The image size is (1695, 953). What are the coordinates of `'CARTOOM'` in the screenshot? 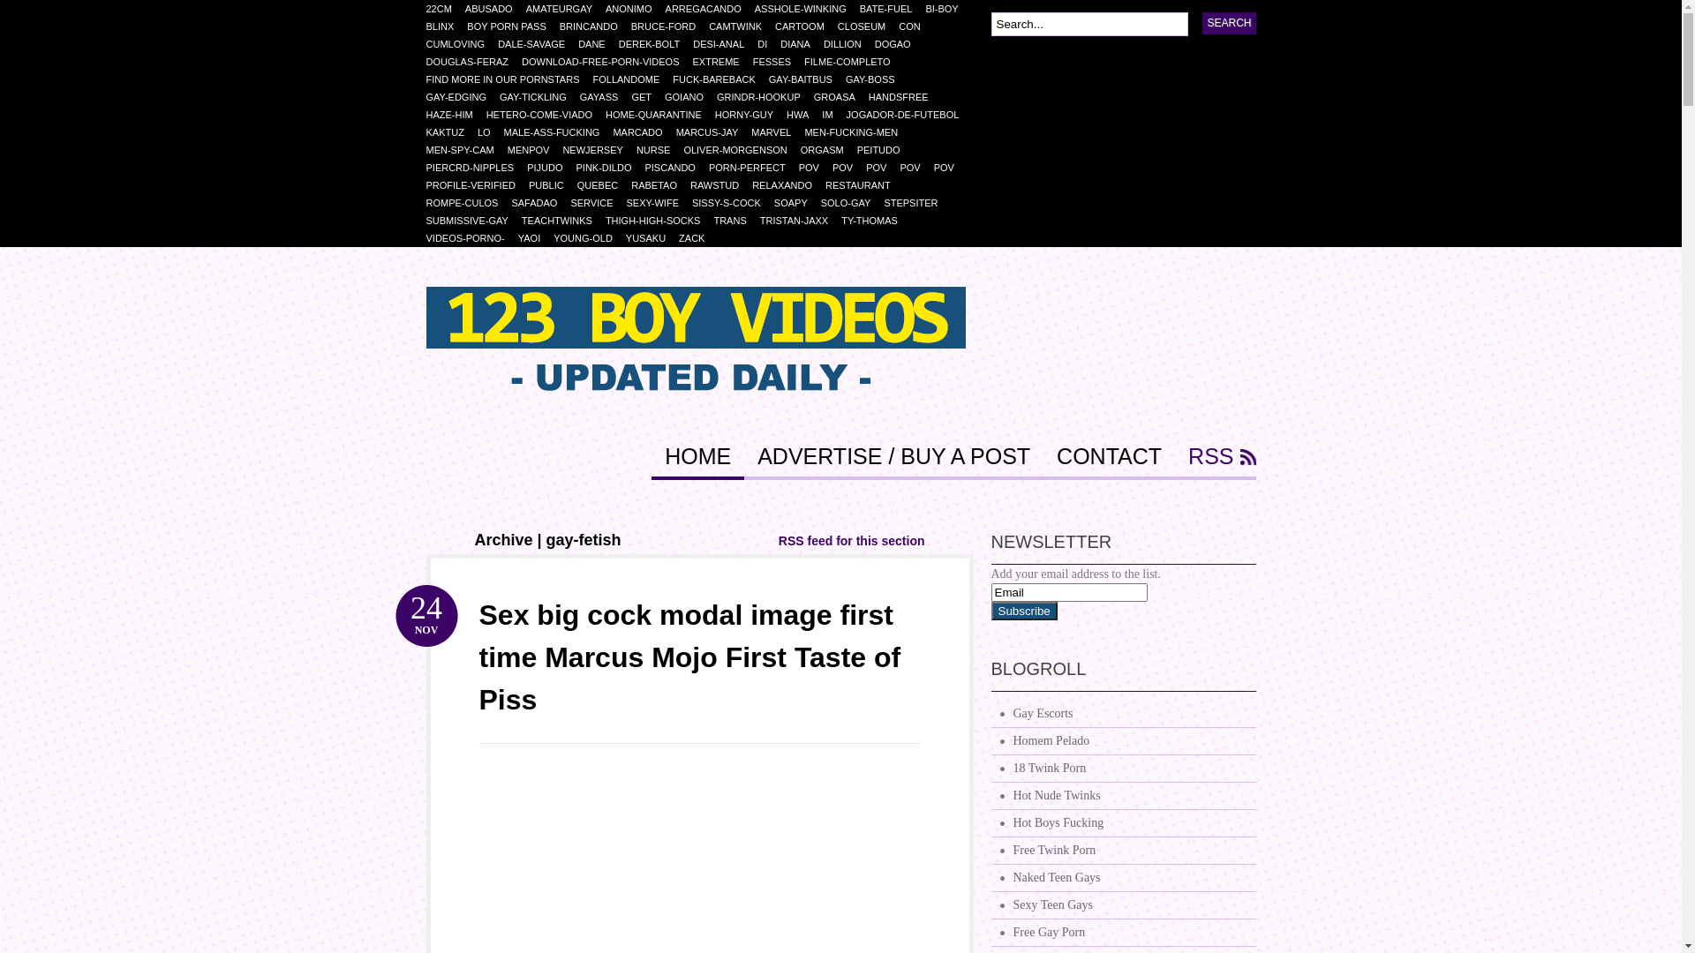 It's located at (805, 26).